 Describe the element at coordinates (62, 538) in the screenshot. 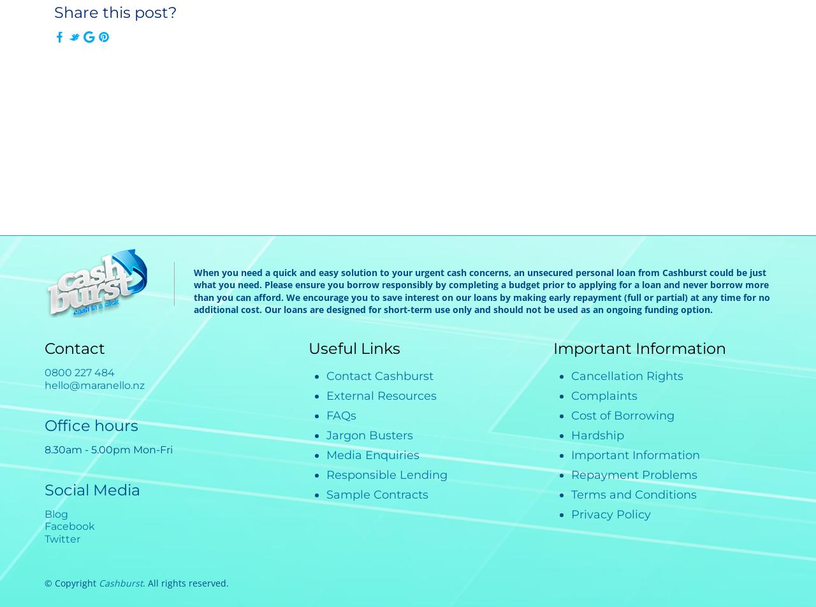

I see `'Twitter'` at that location.